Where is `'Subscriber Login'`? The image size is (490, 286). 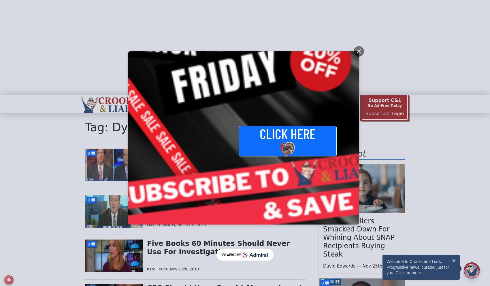
'Subscriber Login' is located at coordinates (365, 113).